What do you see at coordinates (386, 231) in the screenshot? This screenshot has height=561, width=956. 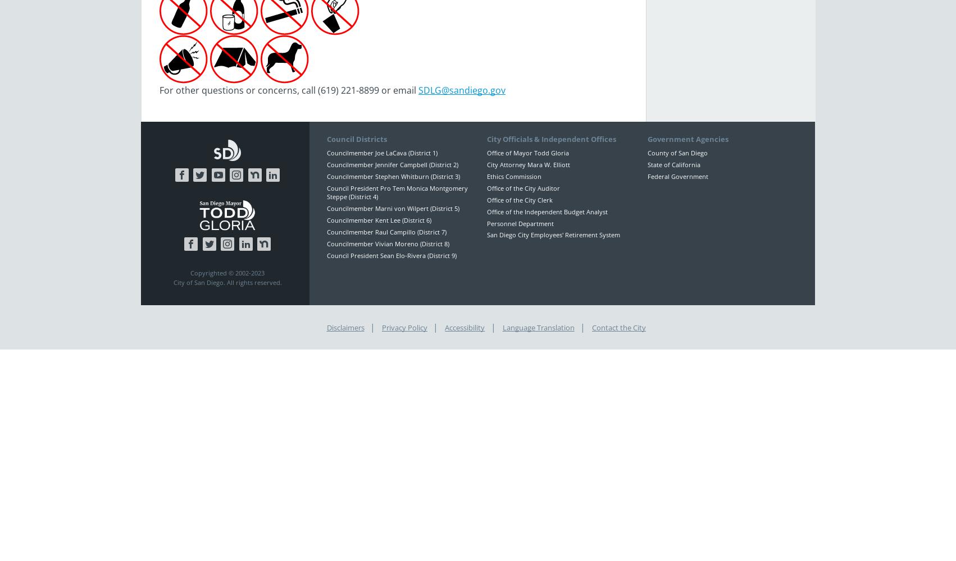 I see `'Councilmember Raul Campillo (District 7)'` at bounding box center [386, 231].